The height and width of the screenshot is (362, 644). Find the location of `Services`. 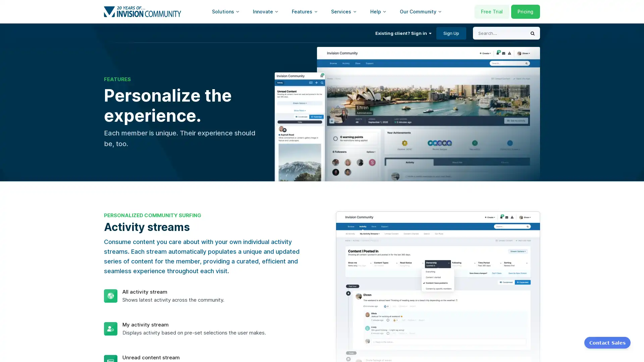

Services is located at coordinates (344, 11).